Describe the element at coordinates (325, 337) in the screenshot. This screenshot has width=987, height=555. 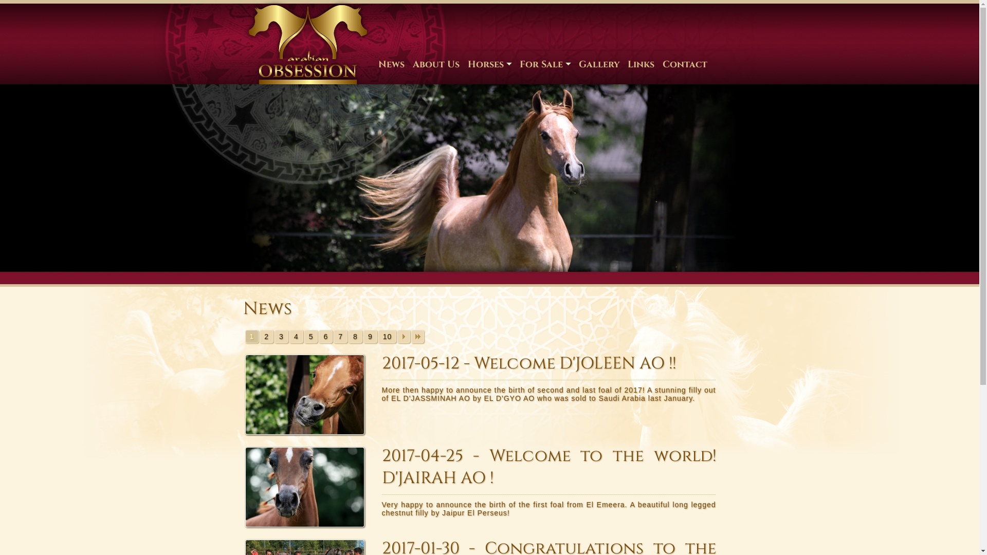
I see `'6'` at that location.